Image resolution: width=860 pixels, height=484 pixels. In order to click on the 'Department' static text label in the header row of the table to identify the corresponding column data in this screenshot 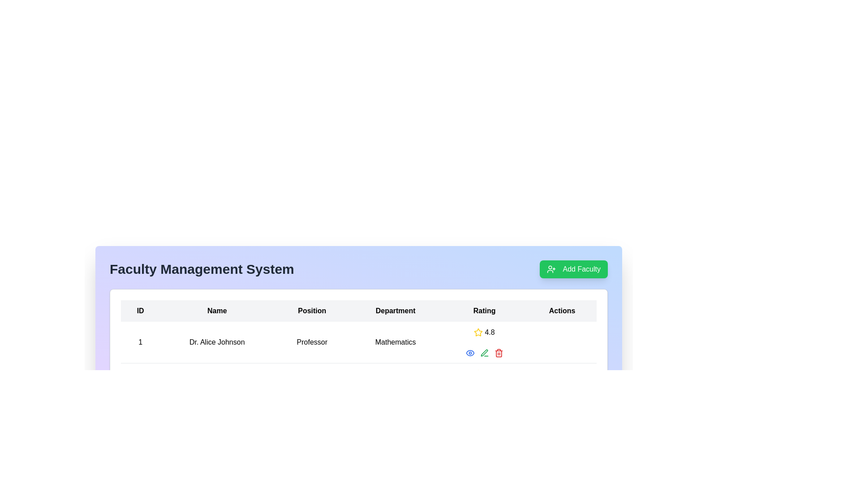, I will do `click(395, 311)`.